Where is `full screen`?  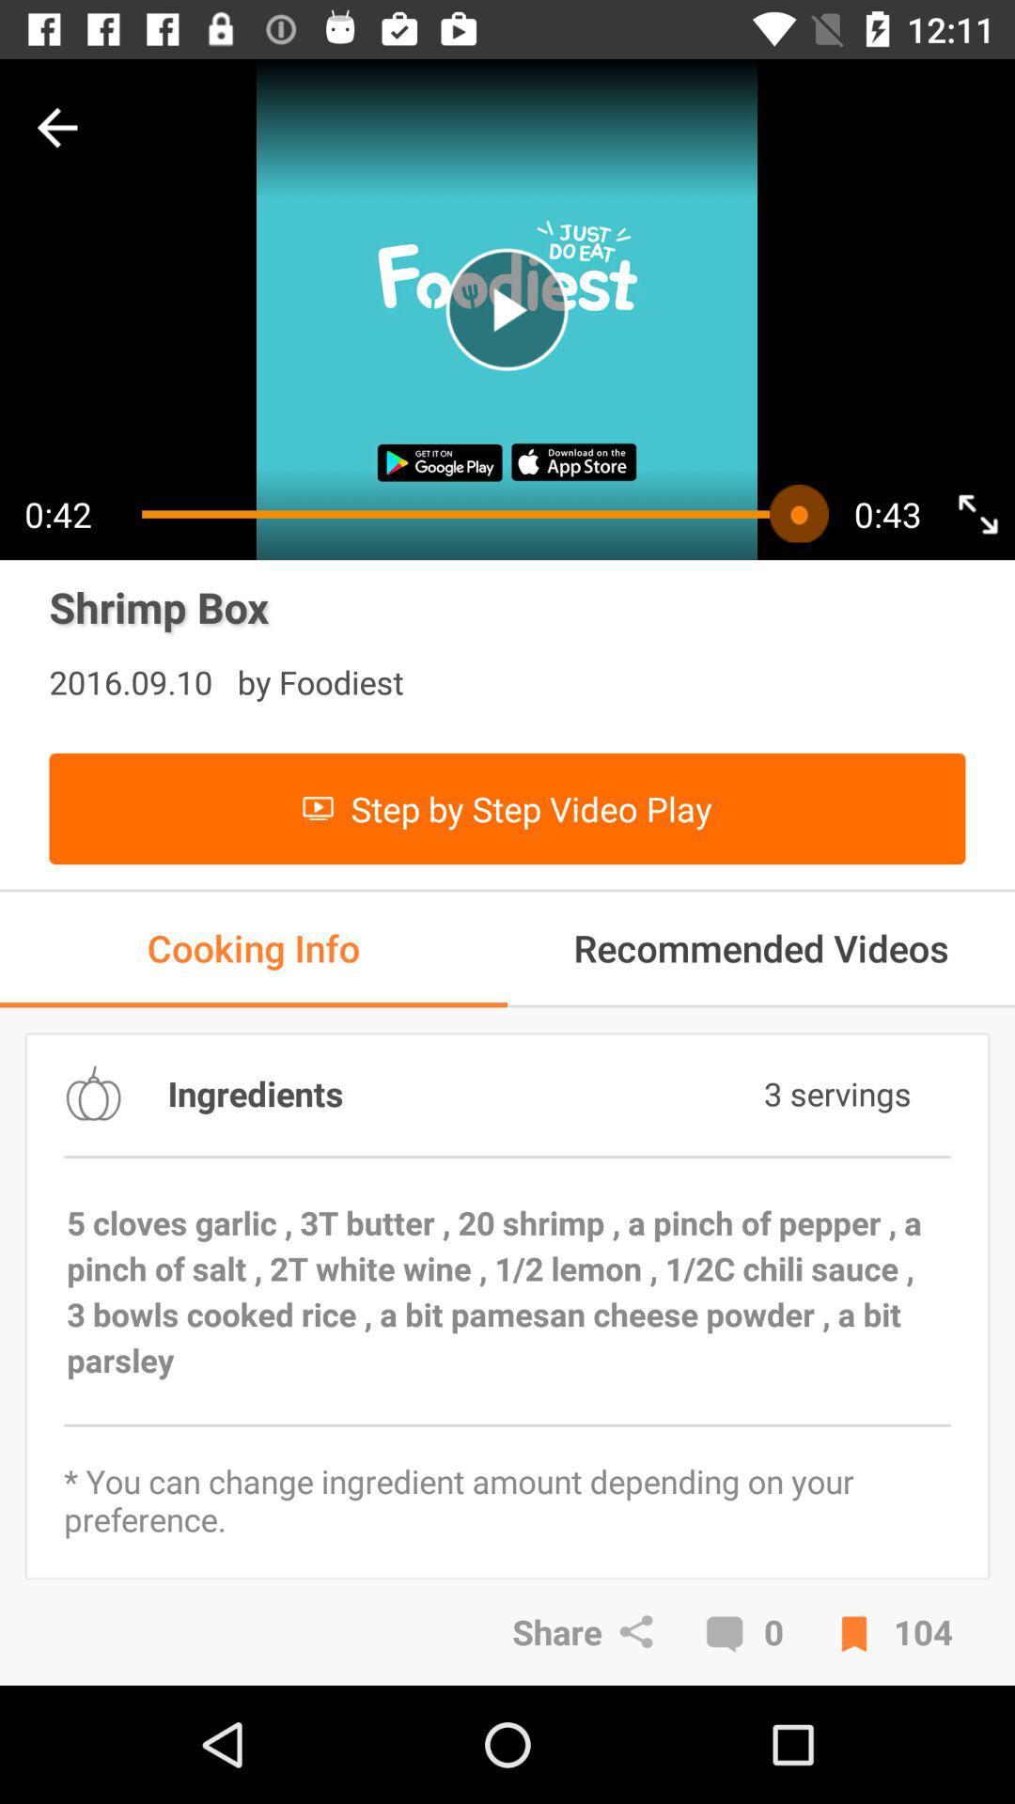
full screen is located at coordinates (976, 514).